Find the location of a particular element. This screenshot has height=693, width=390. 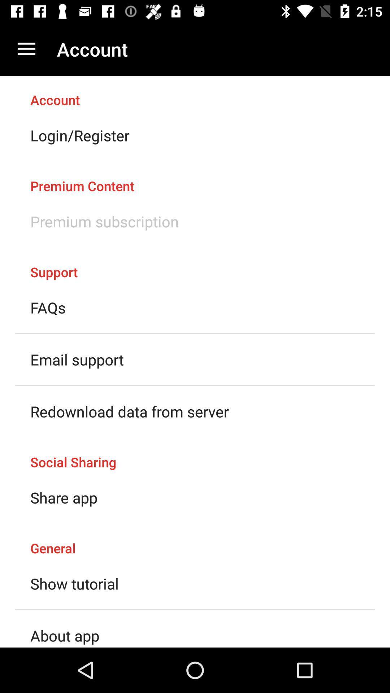

social sharing item is located at coordinates (195, 454).